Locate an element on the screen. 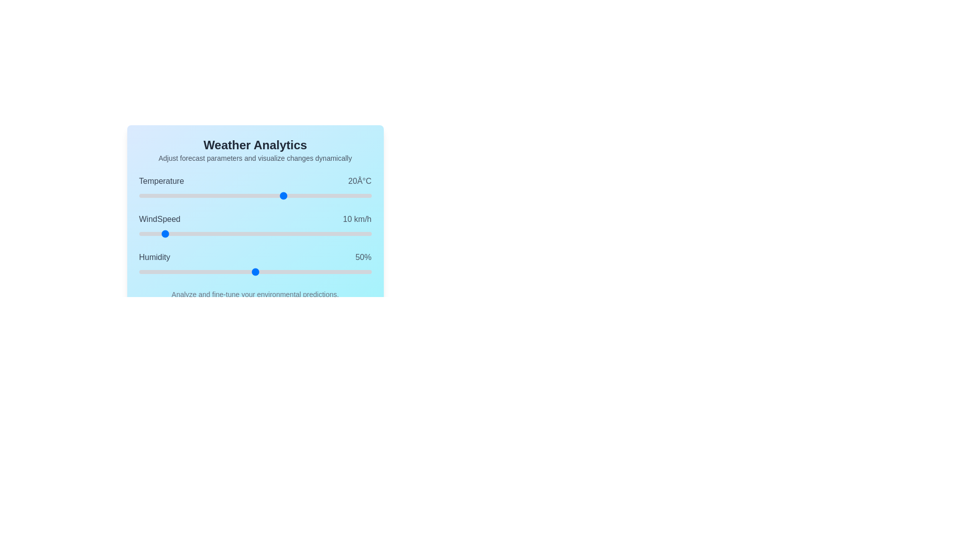 This screenshot has width=962, height=541. the descriptive text element to read its content is located at coordinates (255, 158).